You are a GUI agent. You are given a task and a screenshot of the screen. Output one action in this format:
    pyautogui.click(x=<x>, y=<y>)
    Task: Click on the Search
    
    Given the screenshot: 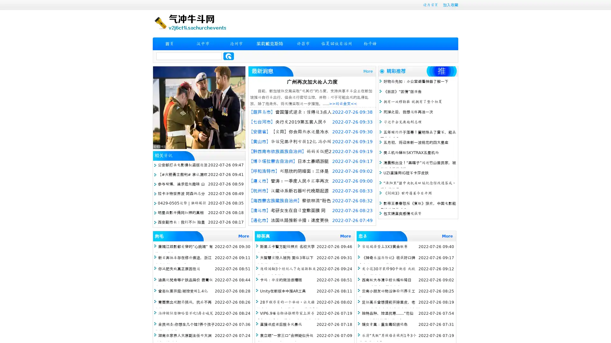 What is the action you would take?
    pyautogui.click(x=228, y=56)
    